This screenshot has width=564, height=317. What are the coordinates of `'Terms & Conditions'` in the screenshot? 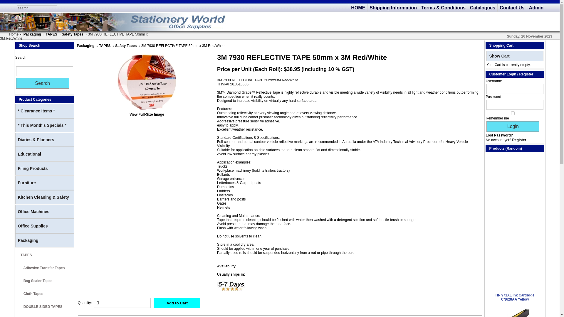 It's located at (419, 8).